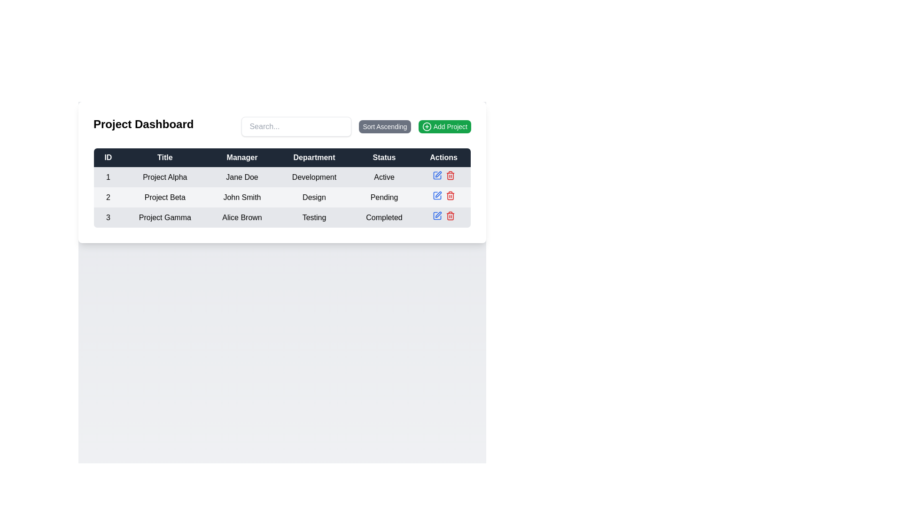  I want to click on the pen-shaped icon button located in the third row under the Actions column to initiate editing the record, so click(436, 215).